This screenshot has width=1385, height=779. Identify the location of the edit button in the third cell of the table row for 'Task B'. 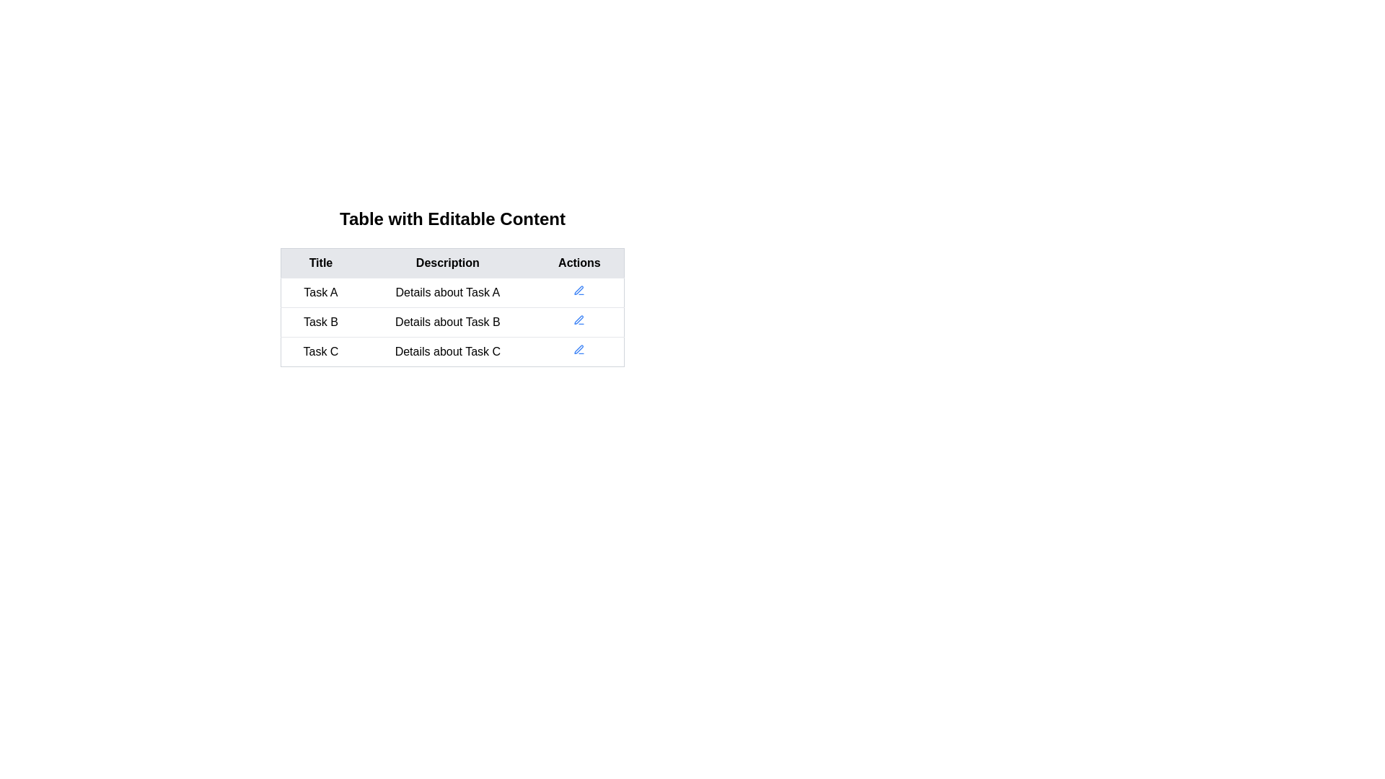
(579, 322).